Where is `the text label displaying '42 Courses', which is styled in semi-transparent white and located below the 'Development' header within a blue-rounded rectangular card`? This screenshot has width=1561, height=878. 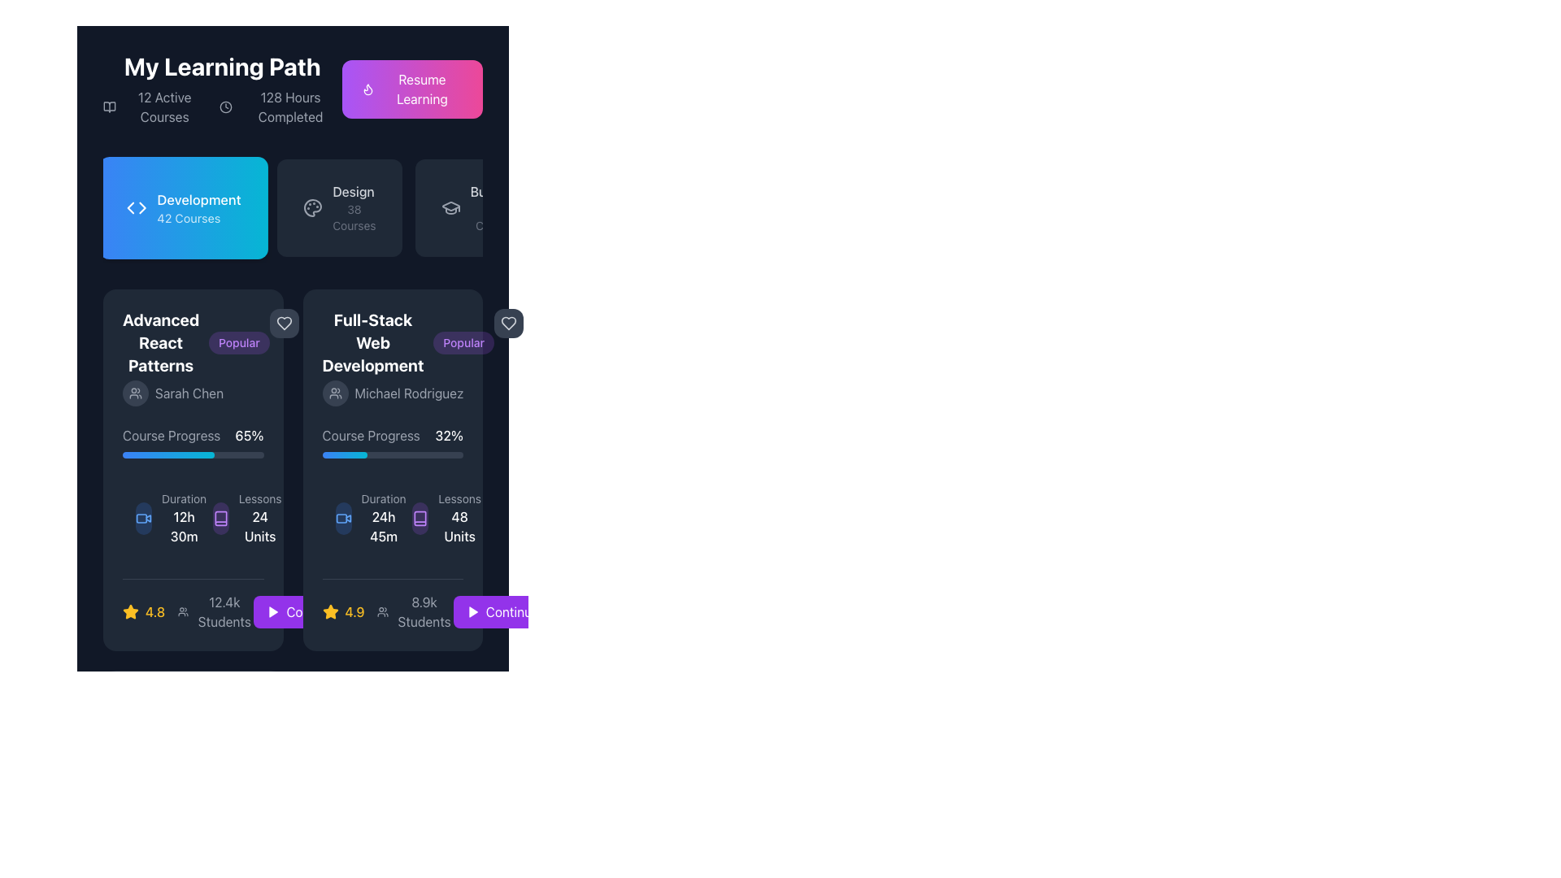
the text label displaying '42 Courses', which is styled in semi-transparent white and located below the 'Development' header within a blue-rounded rectangular card is located at coordinates (189, 217).